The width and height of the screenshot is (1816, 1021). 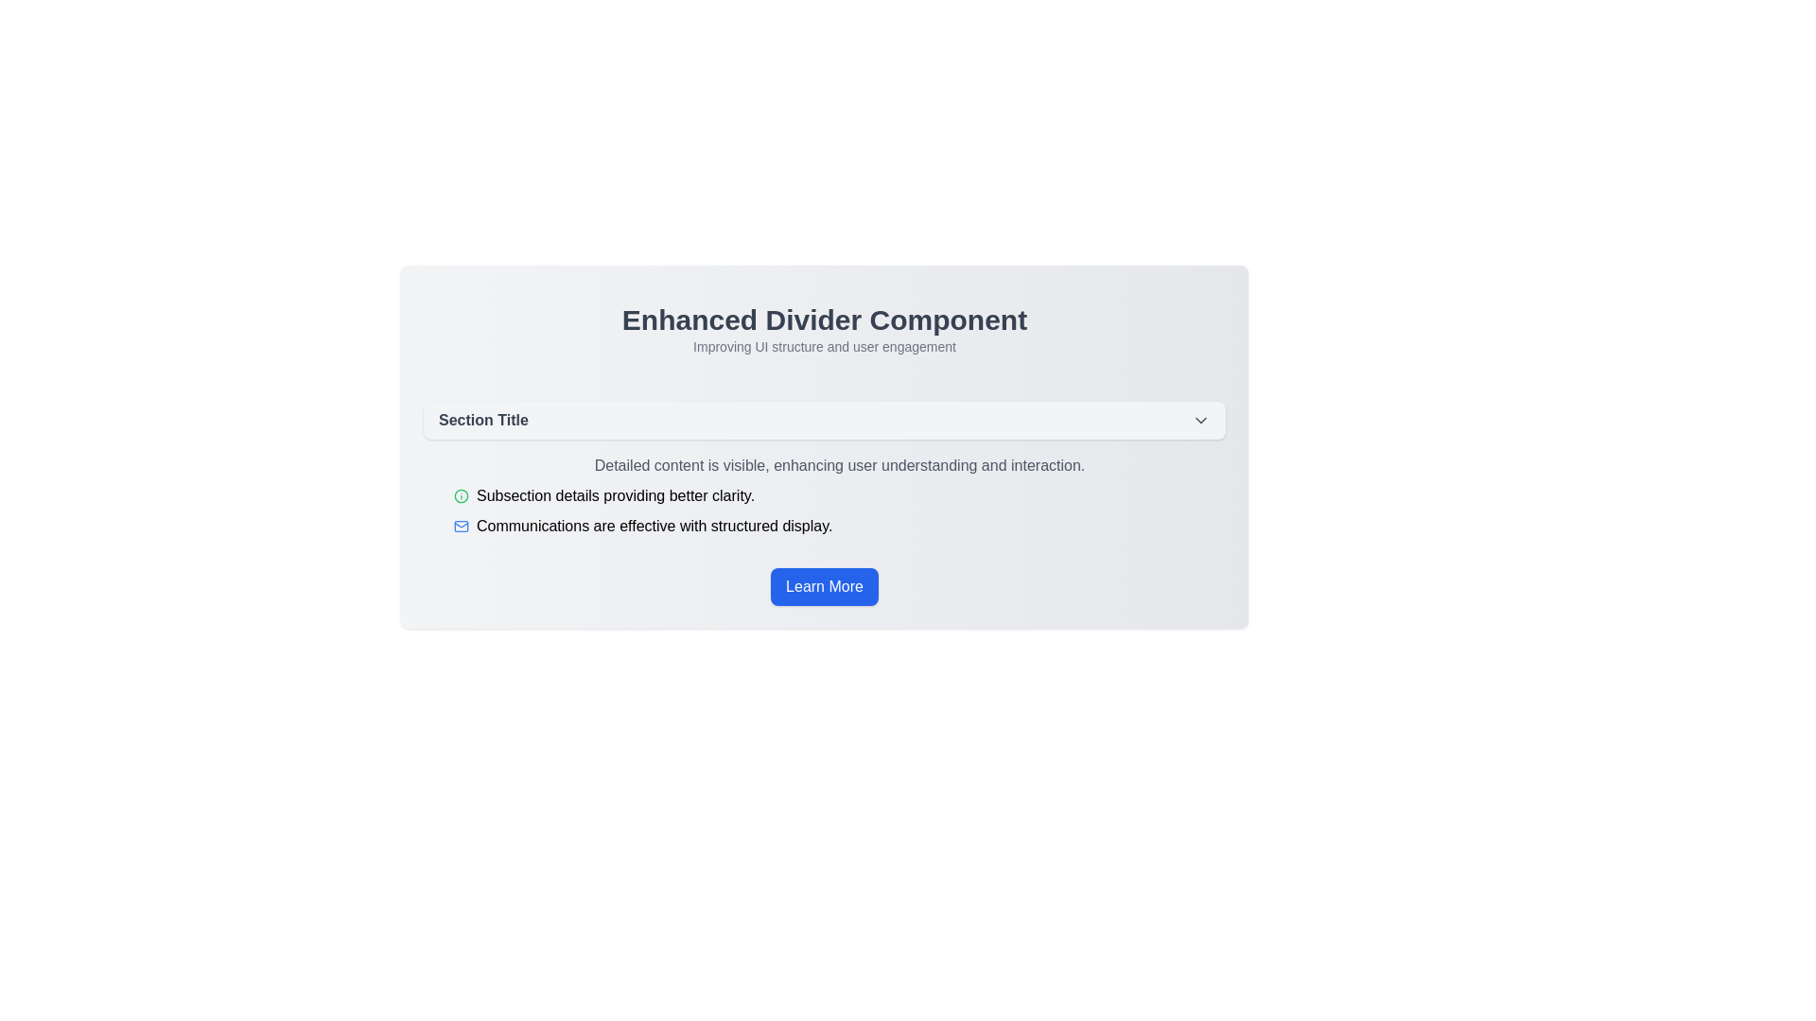 I want to click on the button with a blue background and white text reading 'Learn More', so click(x=825, y=586).